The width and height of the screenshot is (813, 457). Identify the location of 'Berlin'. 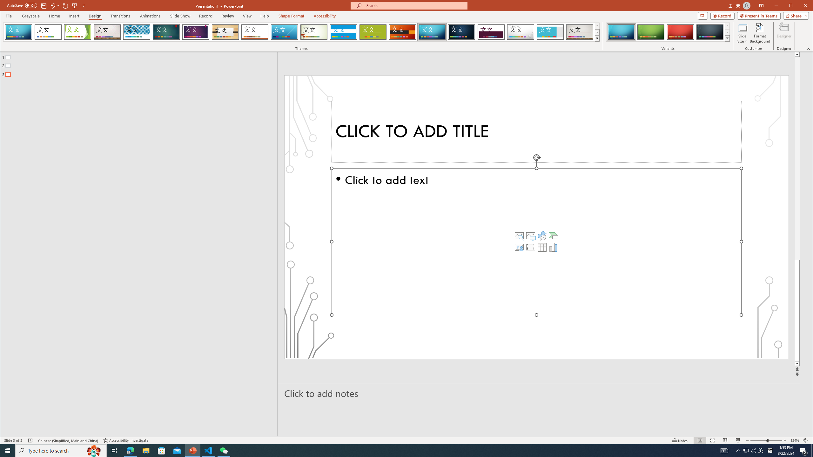
(402, 32).